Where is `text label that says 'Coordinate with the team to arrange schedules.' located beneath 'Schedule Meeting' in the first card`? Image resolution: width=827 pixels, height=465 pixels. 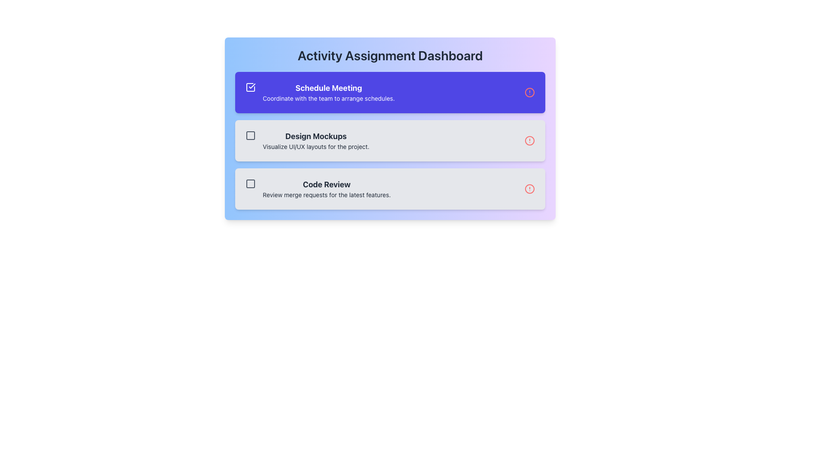
text label that says 'Coordinate with the team to arrange schedules.' located beneath 'Schedule Meeting' in the first card is located at coordinates (328, 98).